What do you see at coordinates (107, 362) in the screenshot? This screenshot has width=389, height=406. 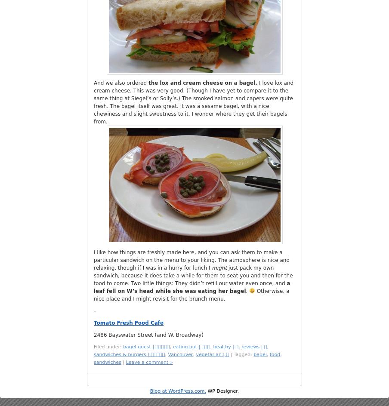 I see `'sandwiches'` at bounding box center [107, 362].